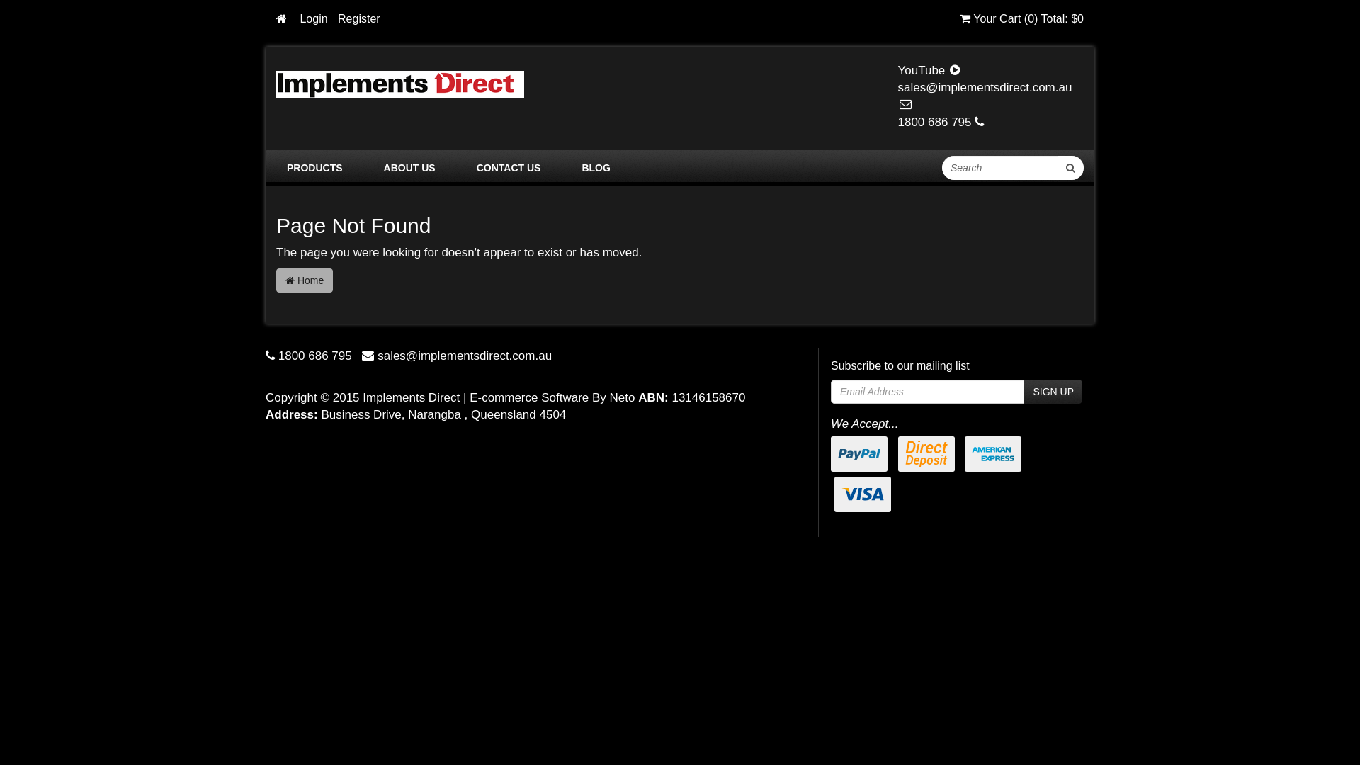 The height and width of the screenshot is (765, 1360). Describe the element at coordinates (985, 96) in the screenshot. I see `'sales@implementsdirect.com.au'` at that location.